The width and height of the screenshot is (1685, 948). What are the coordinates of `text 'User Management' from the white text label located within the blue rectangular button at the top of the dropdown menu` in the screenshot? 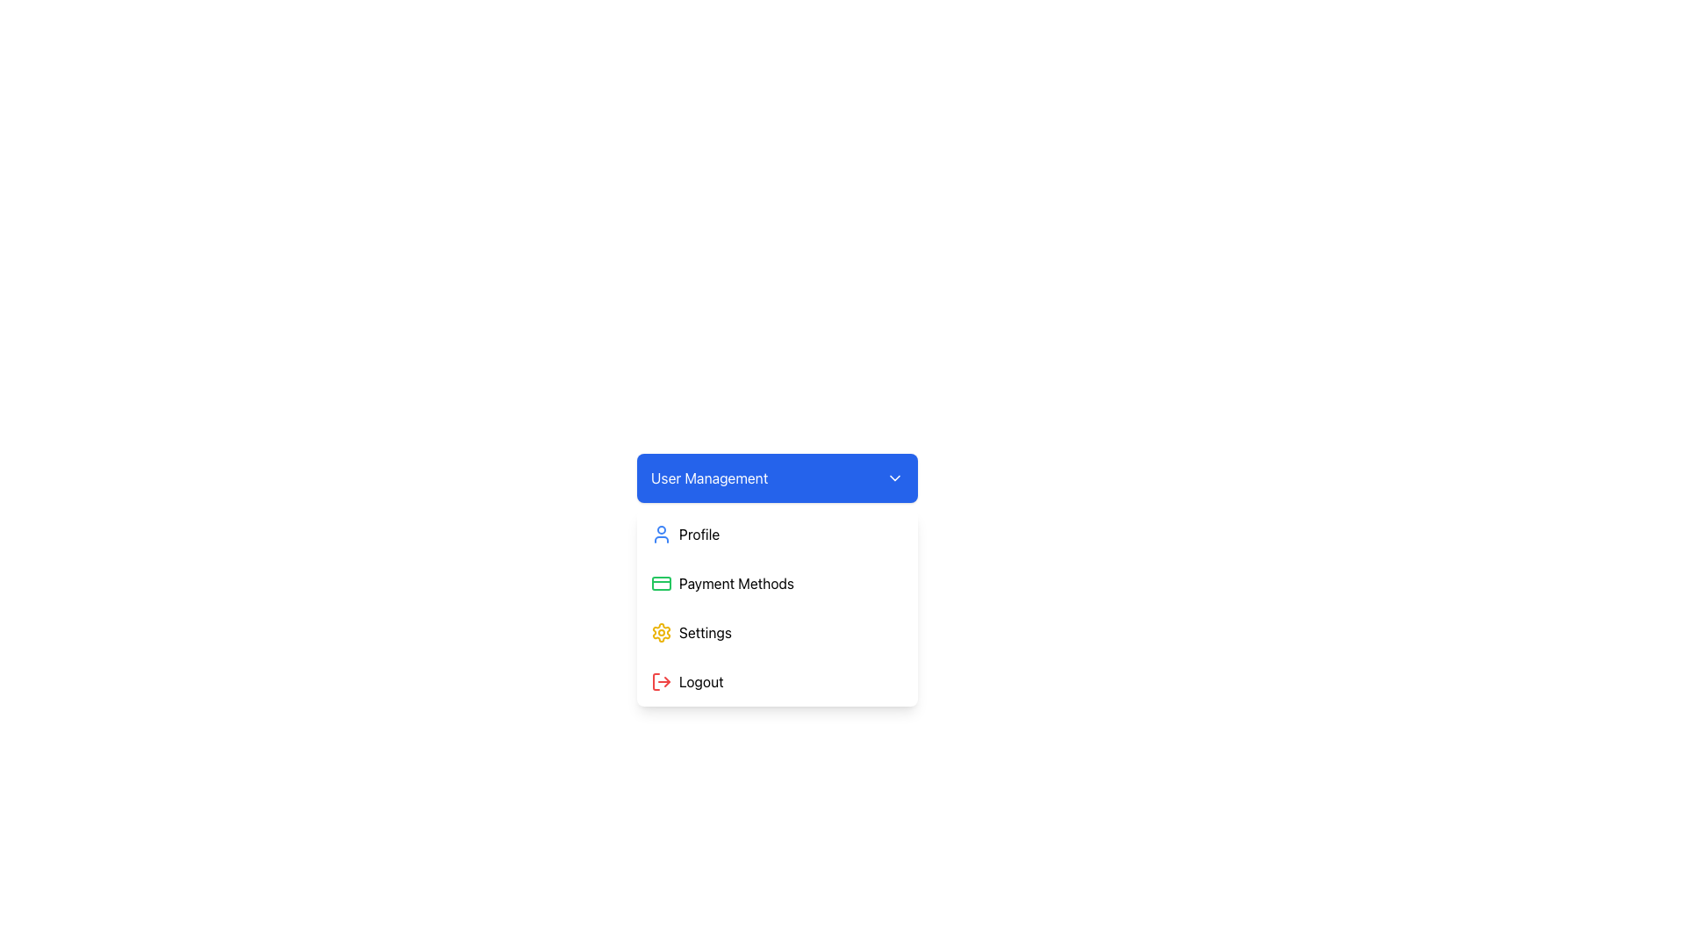 It's located at (709, 478).